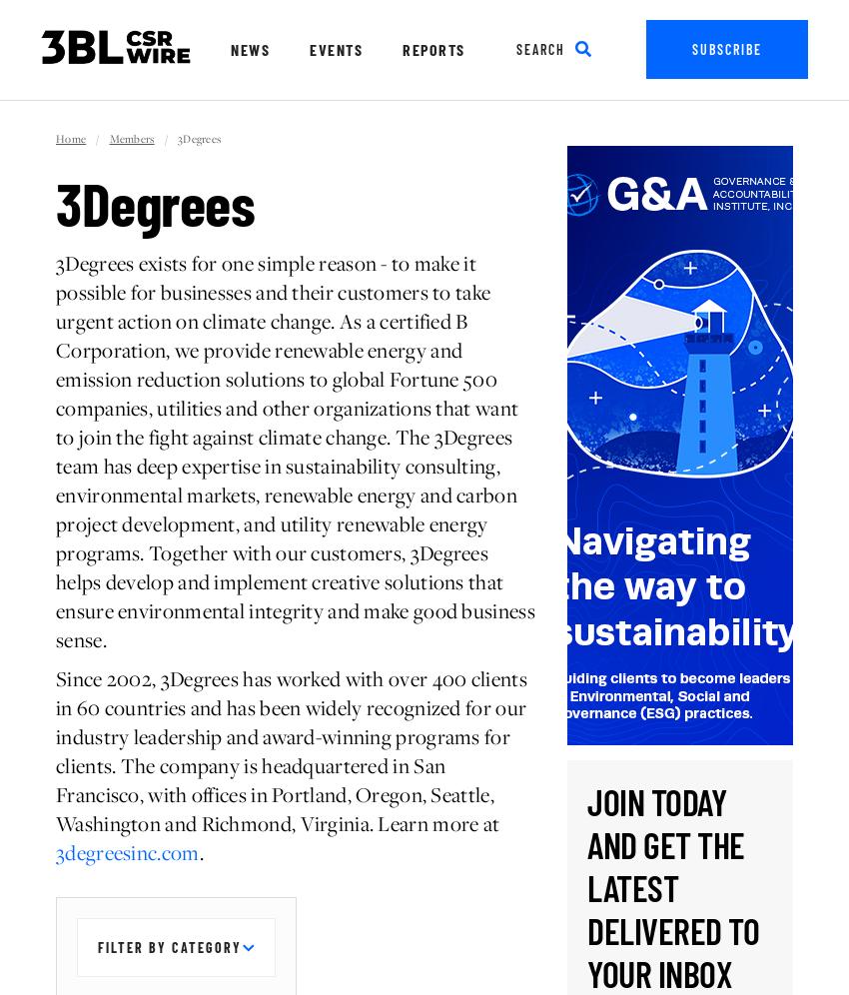 This screenshot has width=849, height=995. Describe the element at coordinates (672, 886) in the screenshot. I see `'Join today and get the latest delivered to your inbox'` at that location.